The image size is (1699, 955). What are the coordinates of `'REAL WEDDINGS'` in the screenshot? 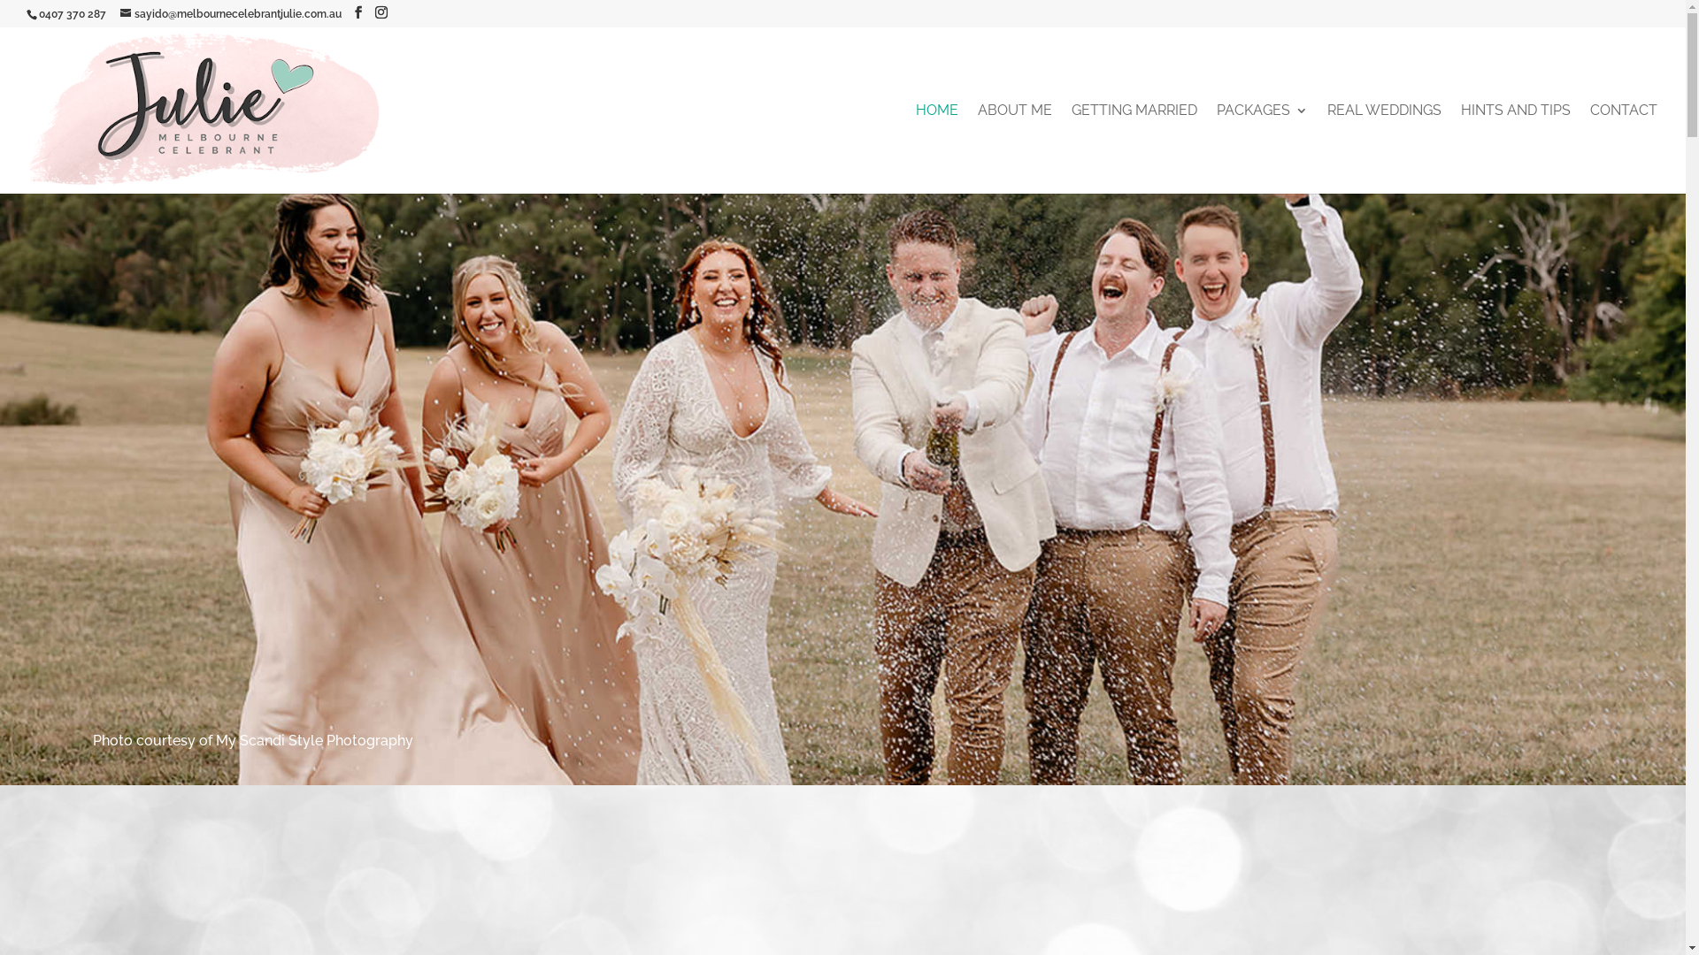 It's located at (1326, 149).